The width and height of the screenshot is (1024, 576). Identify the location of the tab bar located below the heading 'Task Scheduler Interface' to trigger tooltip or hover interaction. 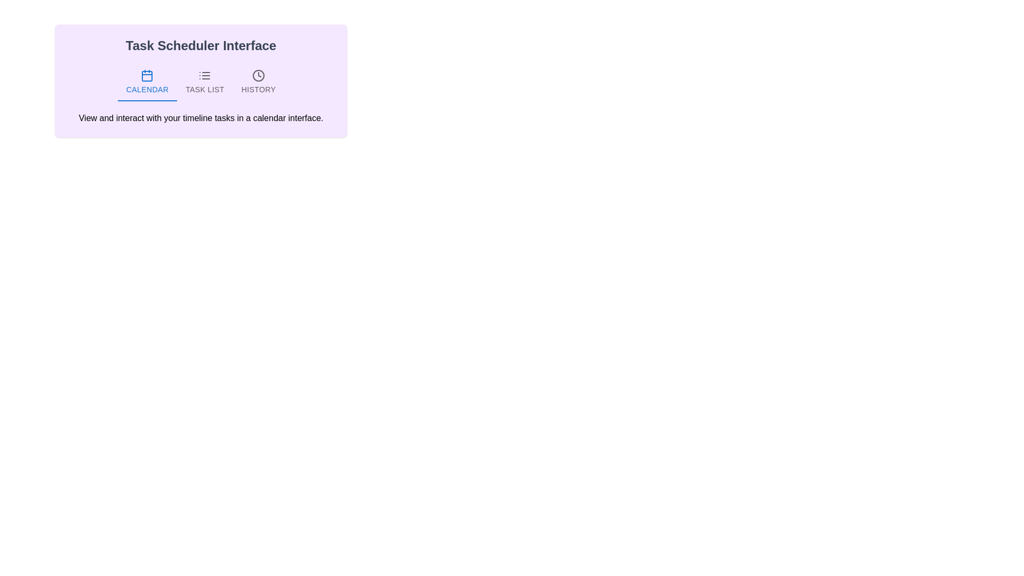
(201, 82).